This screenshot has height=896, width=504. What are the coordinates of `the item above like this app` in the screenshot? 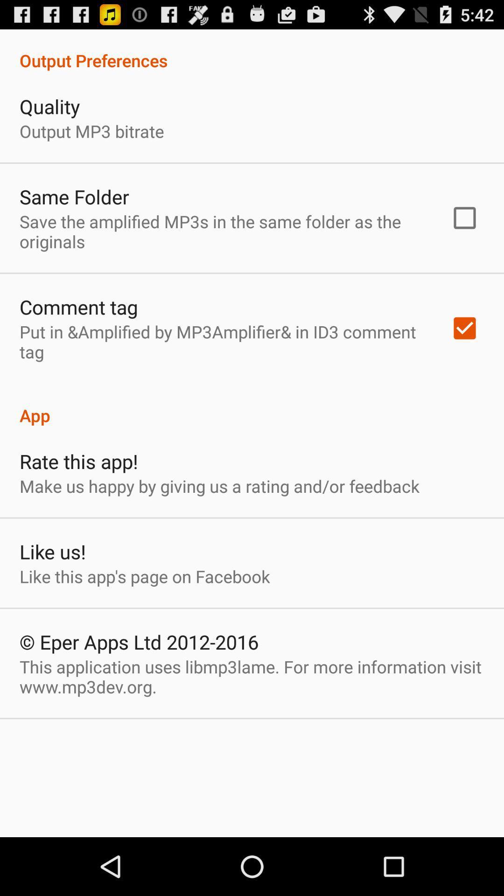 It's located at (52, 551).